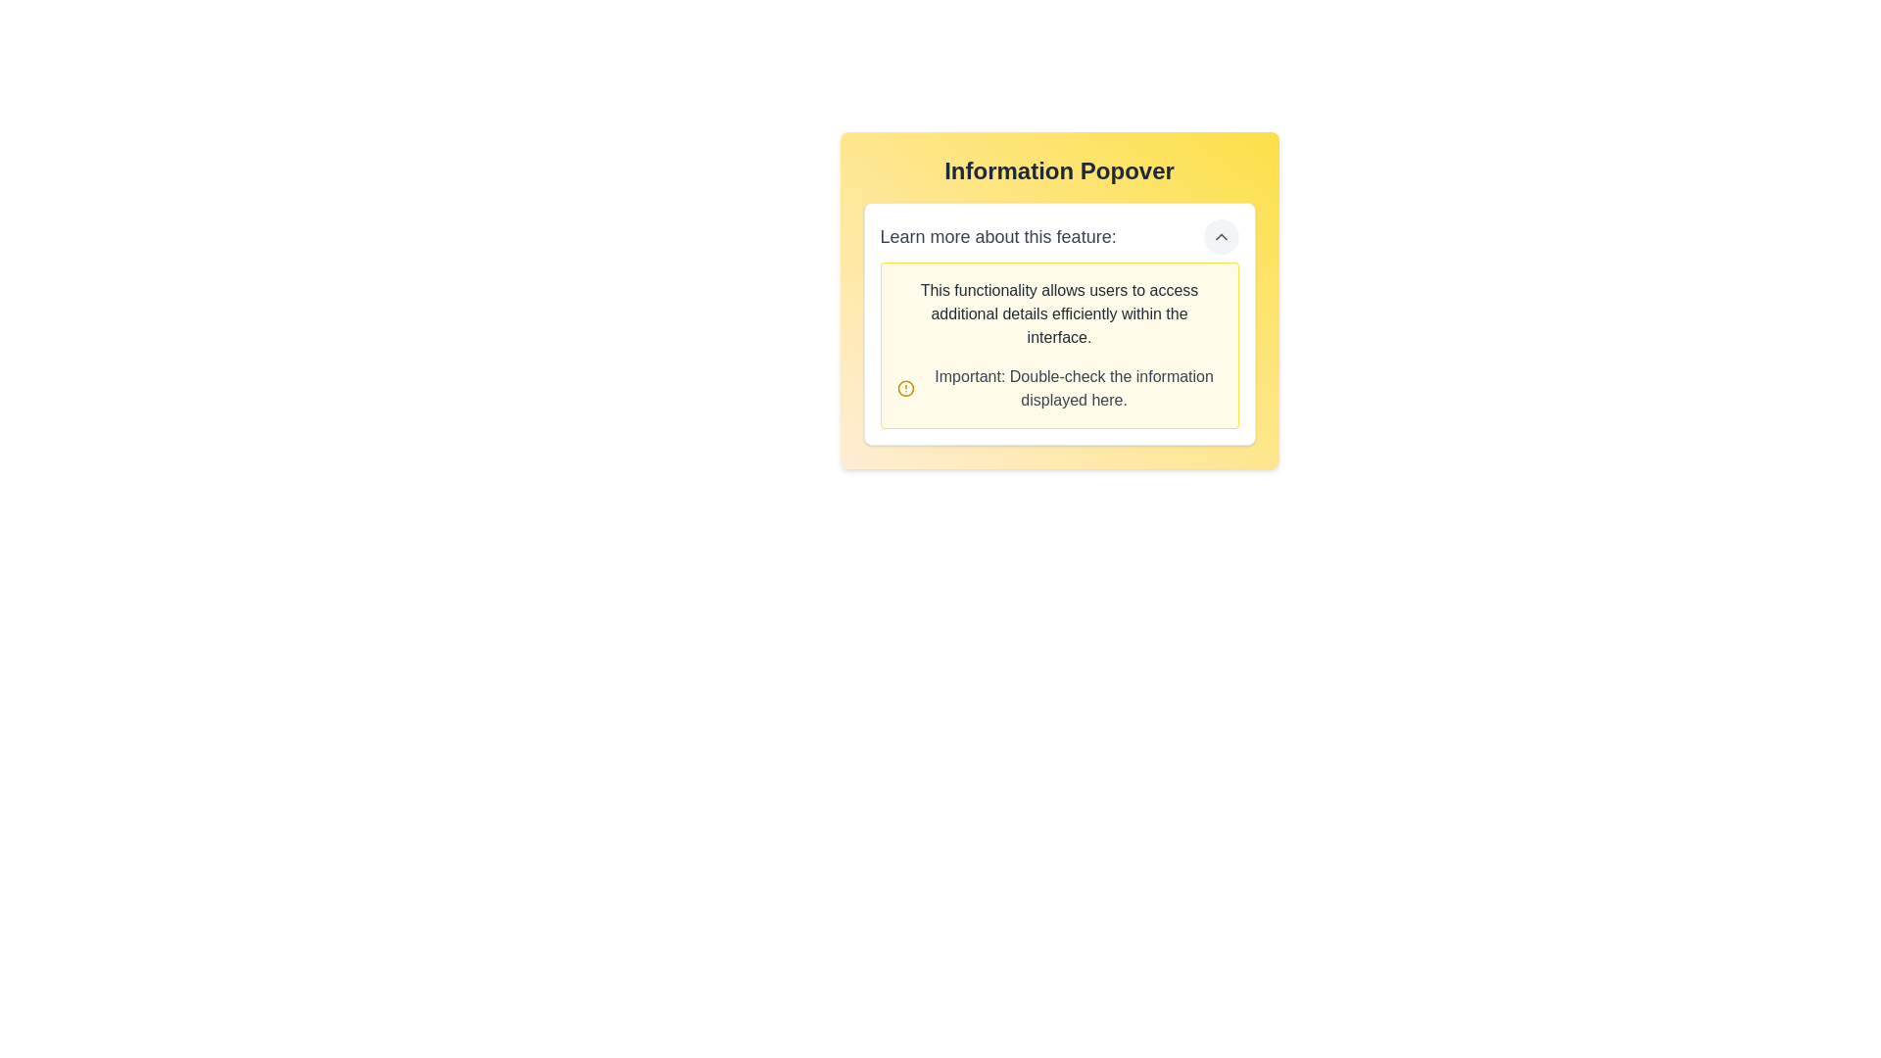  What do you see at coordinates (1073, 389) in the screenshot?
I see `text content of the element displaying 'Important: Double-check the information displayed here.' within the yellow notice box titled 'Information Popover'` at bounding box center [1073, 389].